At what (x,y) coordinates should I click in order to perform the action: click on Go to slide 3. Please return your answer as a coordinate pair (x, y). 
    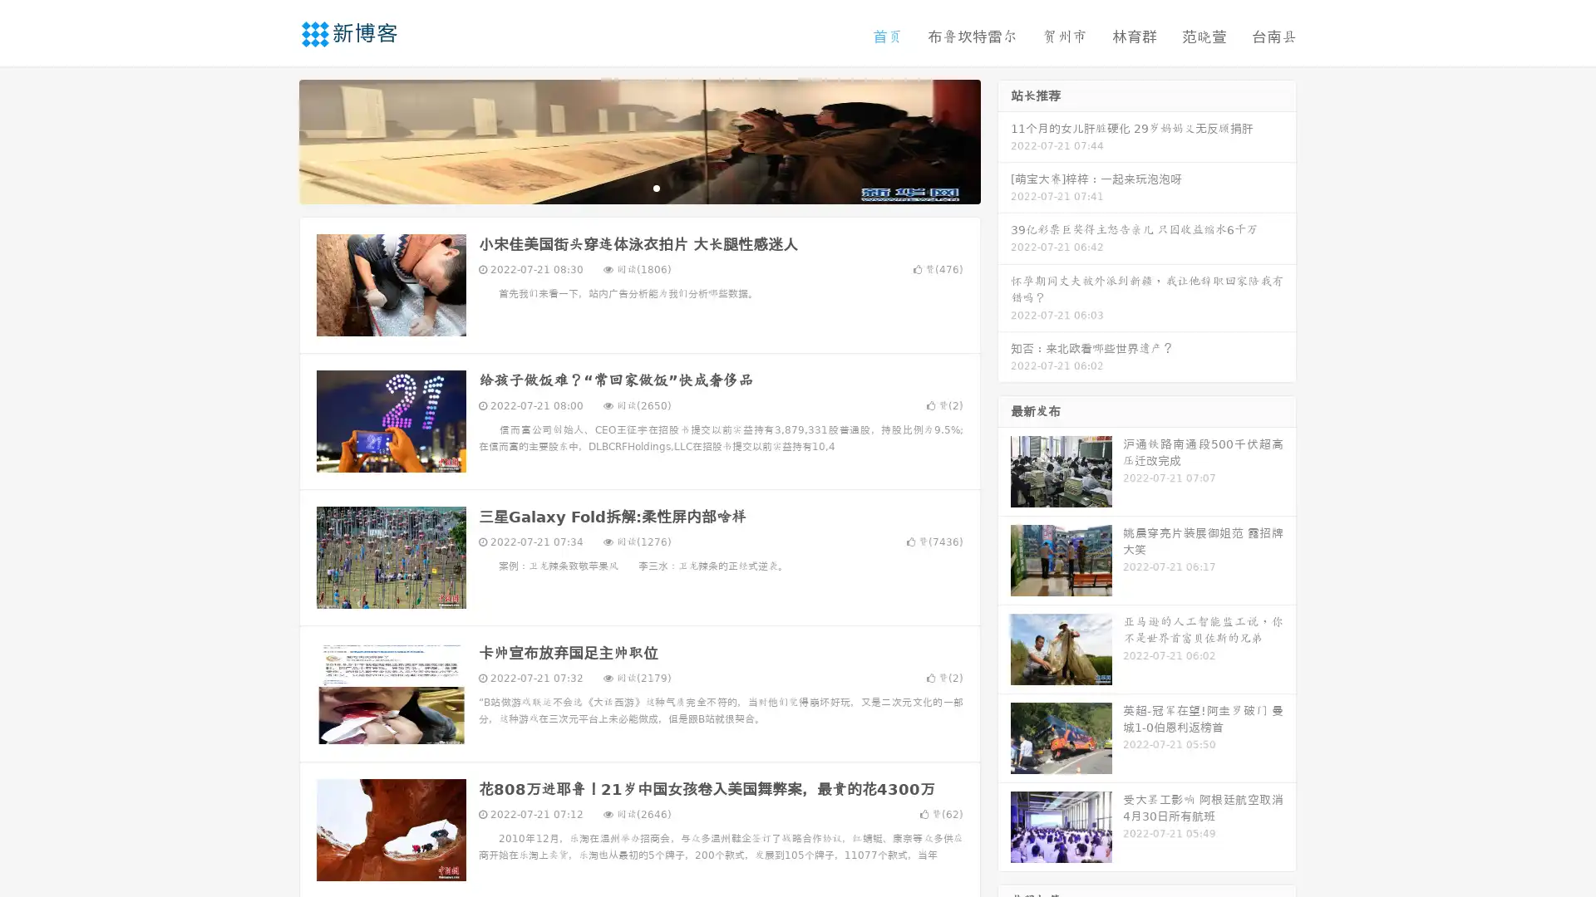
    Looking at the image, I should click on (656, 187).